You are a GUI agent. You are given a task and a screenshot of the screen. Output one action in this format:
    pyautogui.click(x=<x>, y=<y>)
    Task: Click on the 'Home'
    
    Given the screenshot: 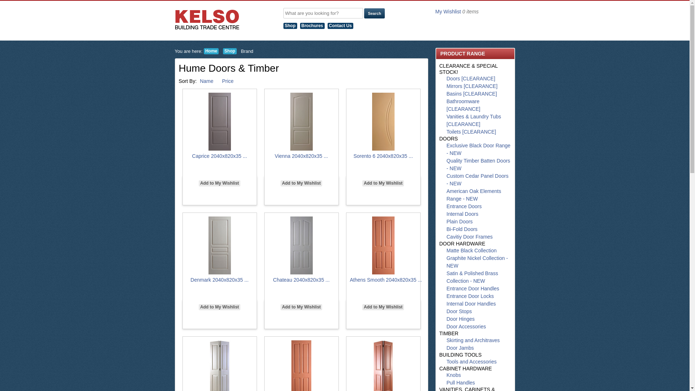 What is the action you would take?
    pyautogui.click(x=211, y=51)
    